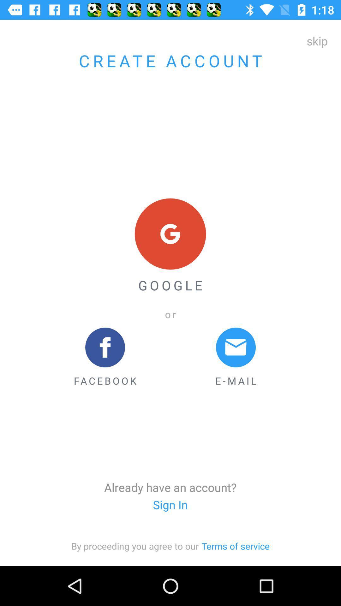 The width and height of the screenshot is (341, 606). I want to click on facebook, so click(105, 357).